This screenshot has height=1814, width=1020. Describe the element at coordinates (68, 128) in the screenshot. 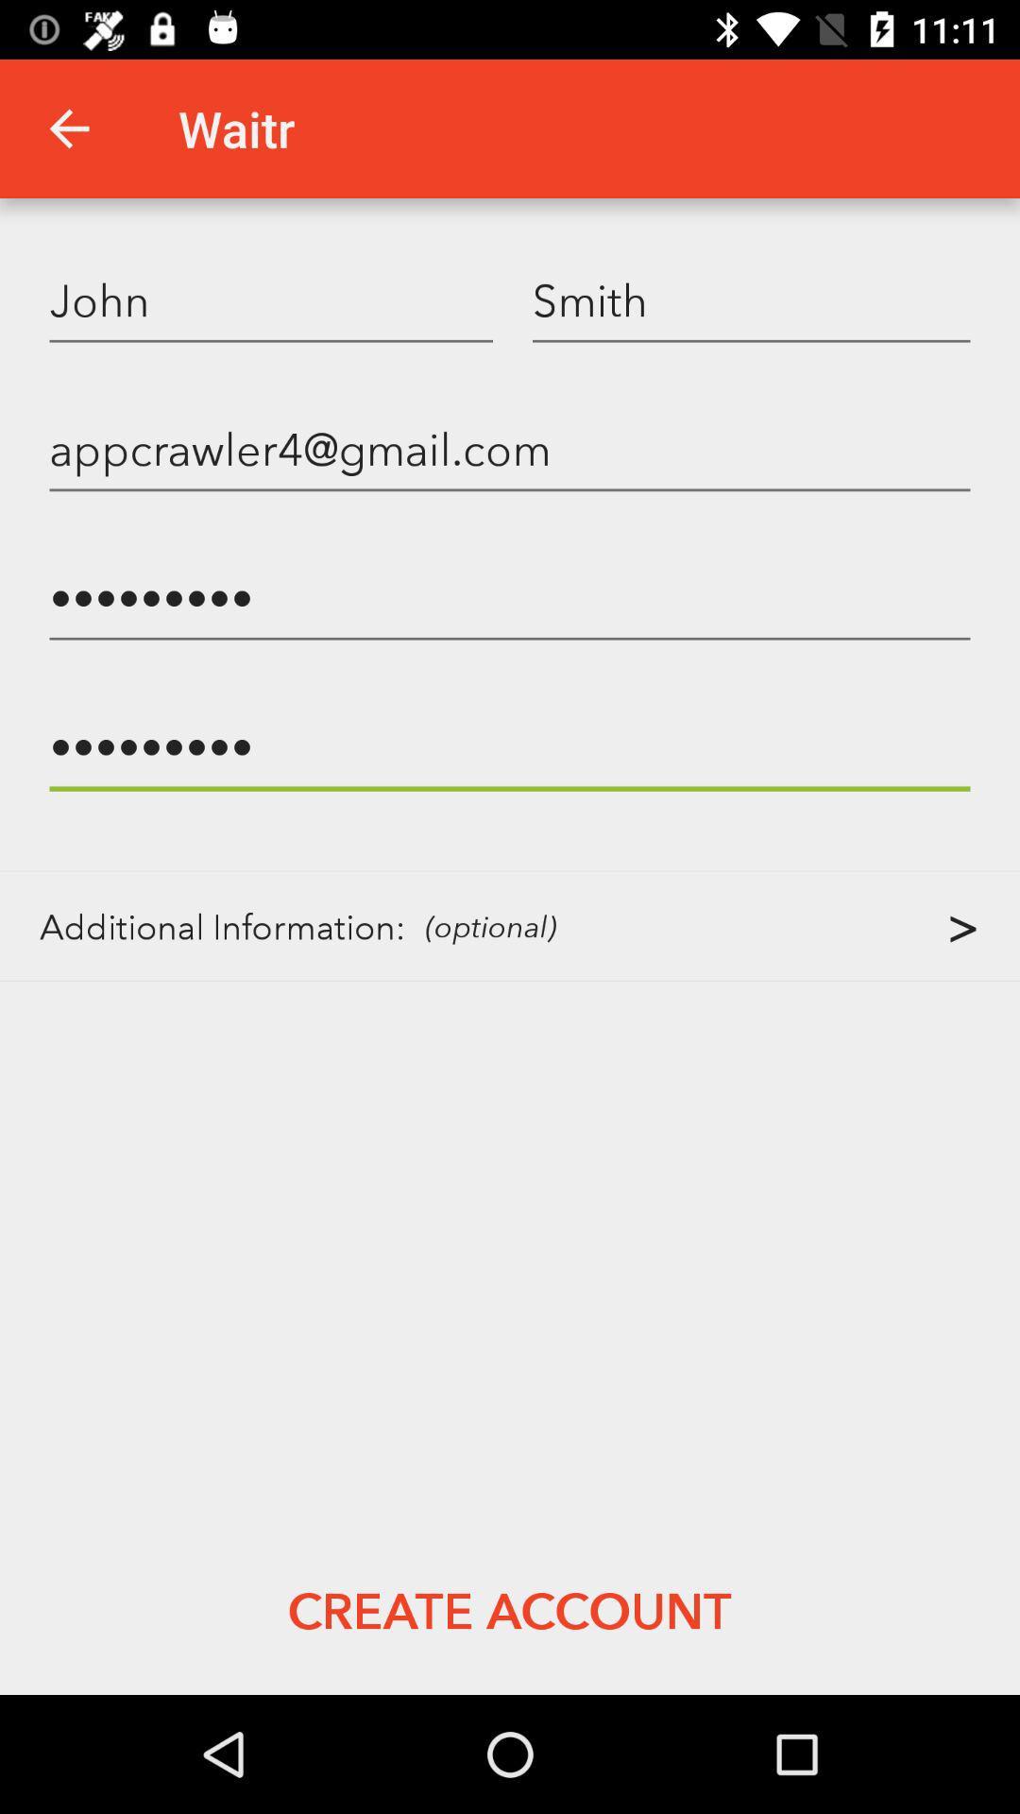

I see `item next to waitr icon` at that location.